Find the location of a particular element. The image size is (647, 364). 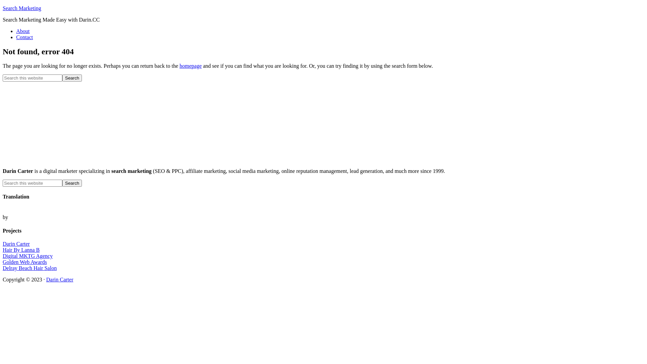

'Search' is located at coordinates (72, 183).